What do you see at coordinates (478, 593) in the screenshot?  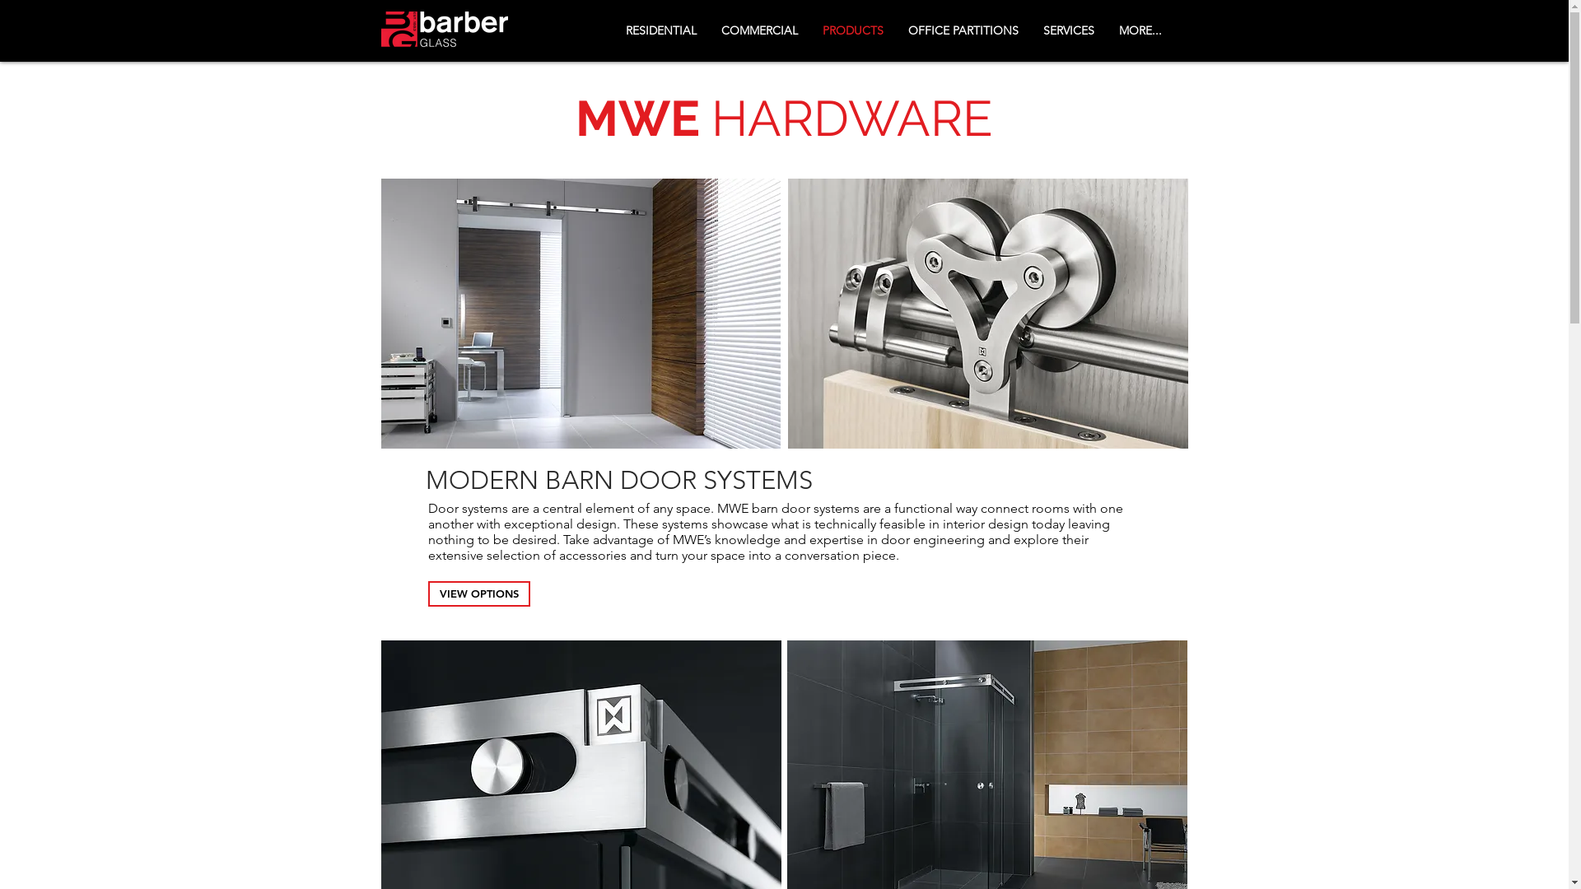 I see `'VIEW OPTIONS'` at bounding box center [478, 593].